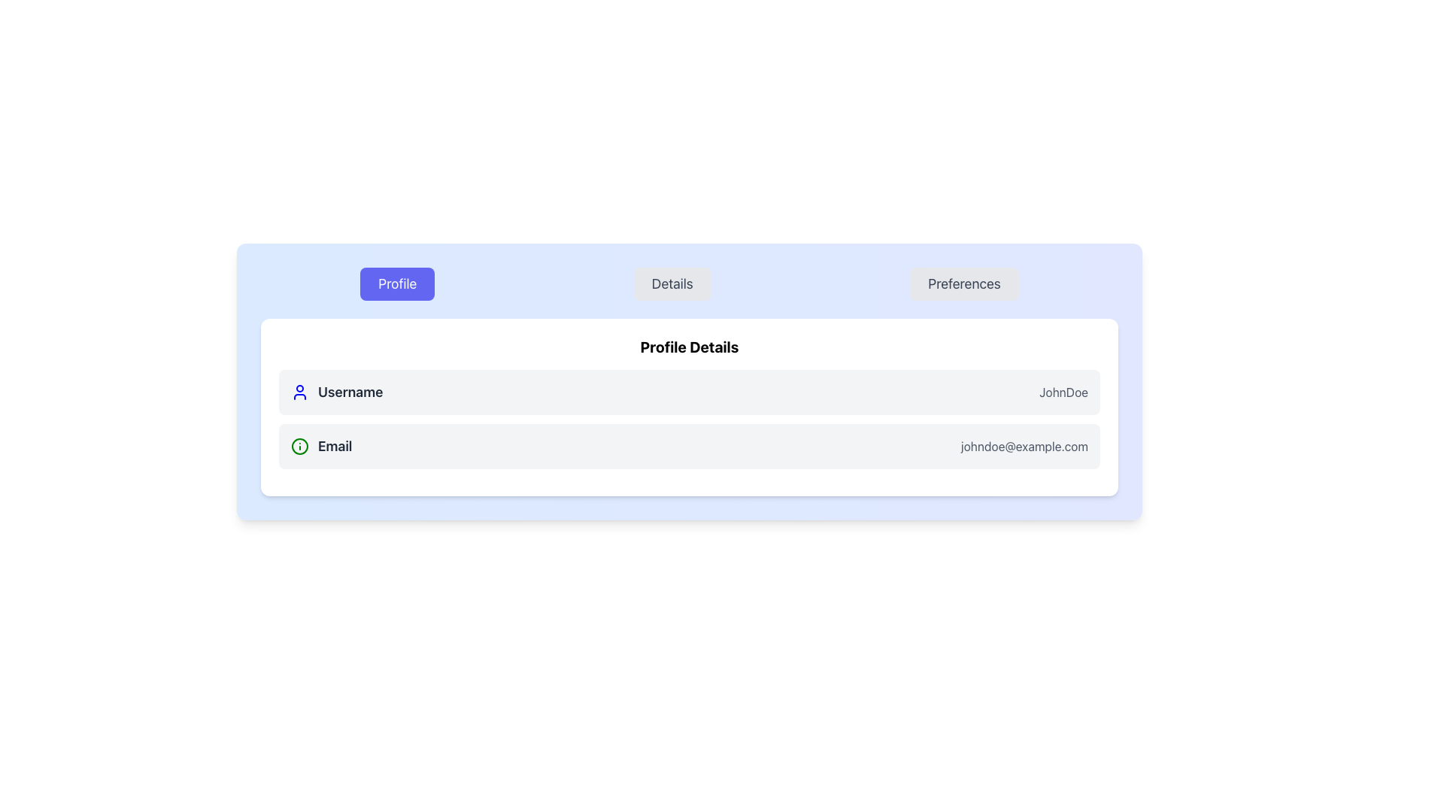 This screenshot has height=812, width=1444. What do you see at coordinates (336, 391) in the screenshot?
I see `the 'Username' label and user icon, which features bold dark-gray text and a blue outlined user icon, located in the profile details card` at bounding box center [336, 391].